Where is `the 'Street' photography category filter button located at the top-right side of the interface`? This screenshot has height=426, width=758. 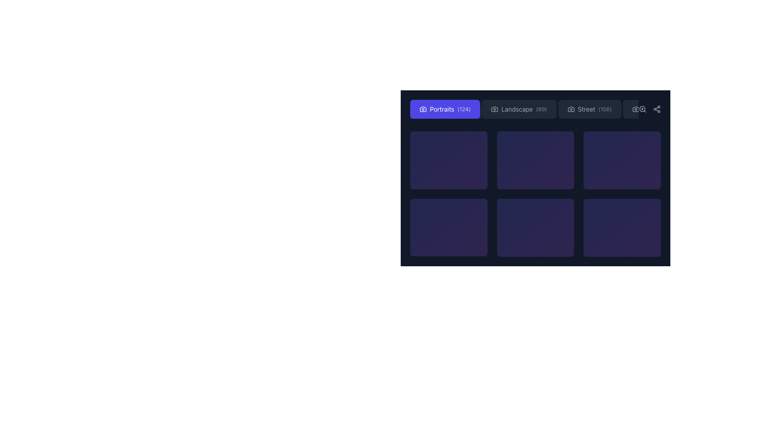 the 'Street' photography category filter button located at the top-right side of the interface is located at coordinates (589, 109).